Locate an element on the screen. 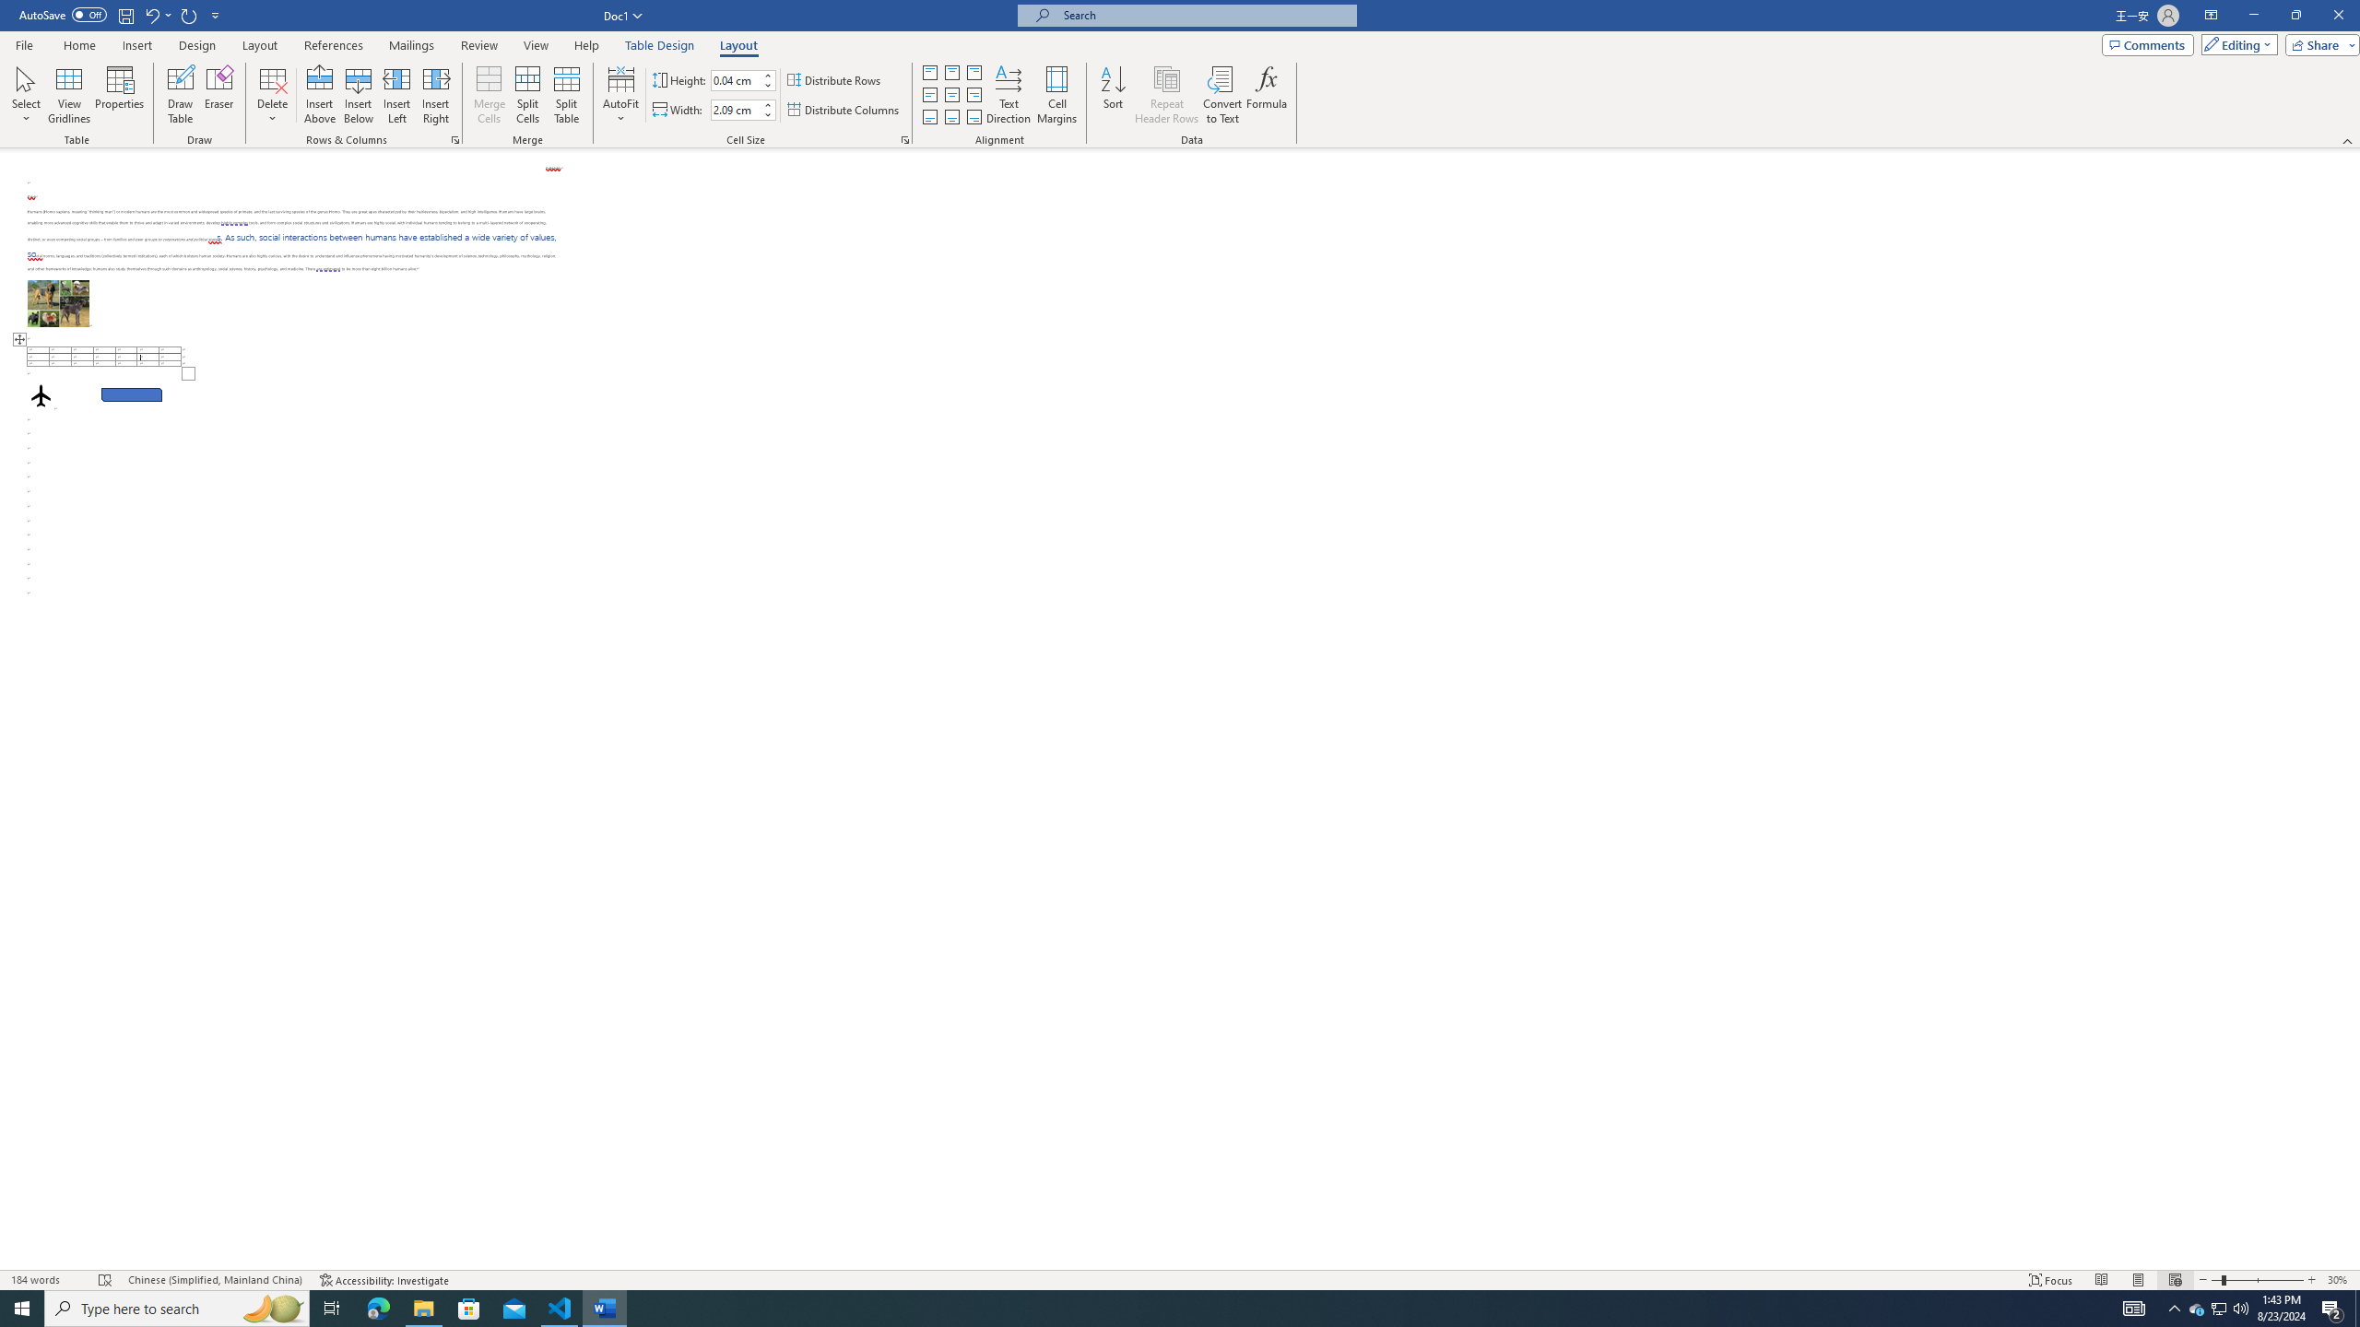  'Insert Right' is located at coordinates (435, 95).